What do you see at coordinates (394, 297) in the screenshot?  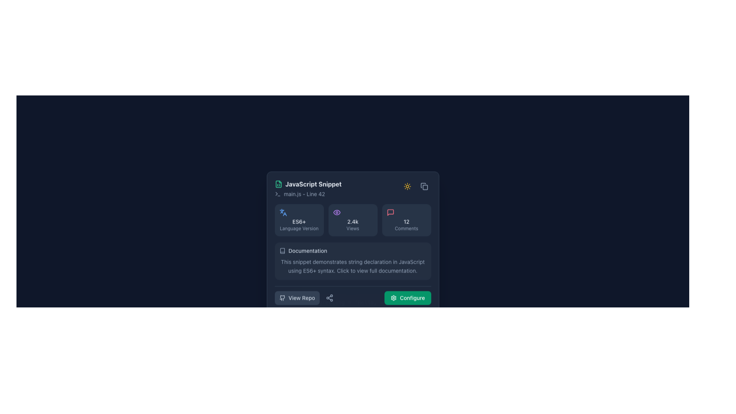 I see `the settings cogwheel icon located on the left side of the 'Configure' button, which is situated at the bottom-right corner of the card-like interface` at bounding box center [394, 297].